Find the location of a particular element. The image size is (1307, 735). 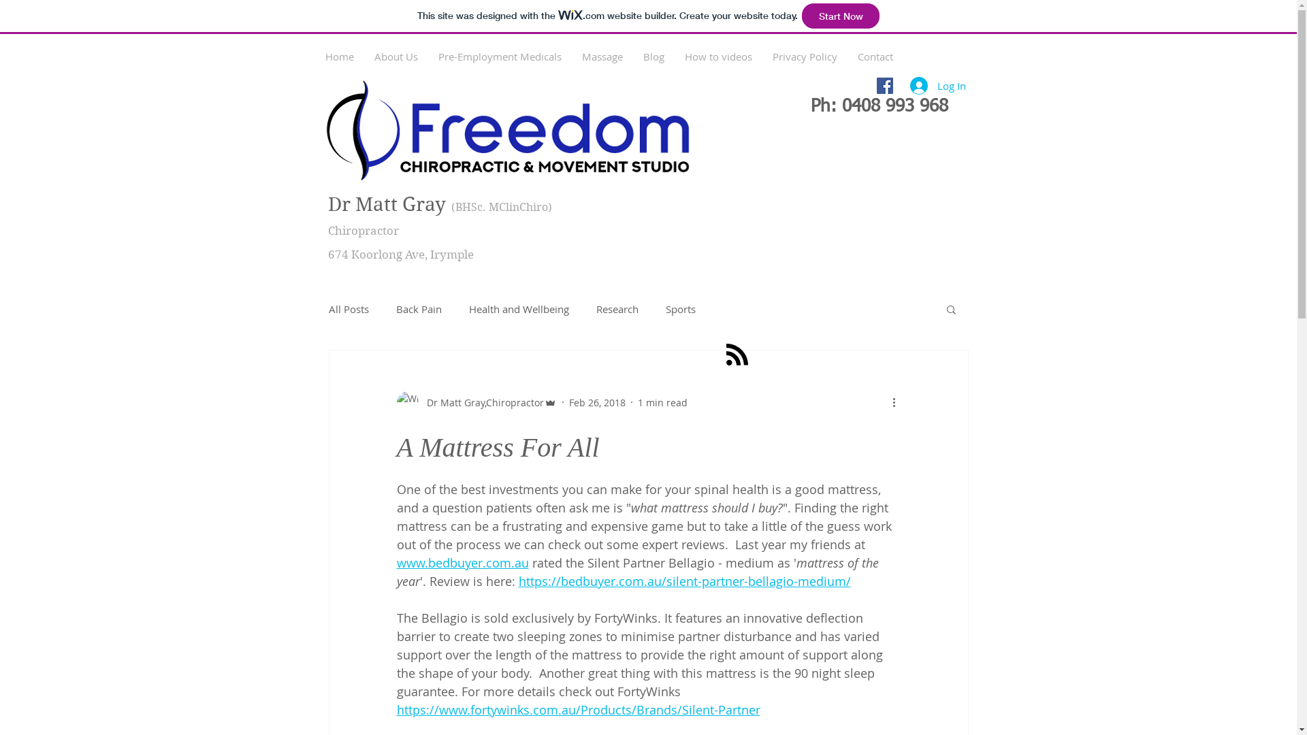

'How to videos' is located at coordinates (717, 56).